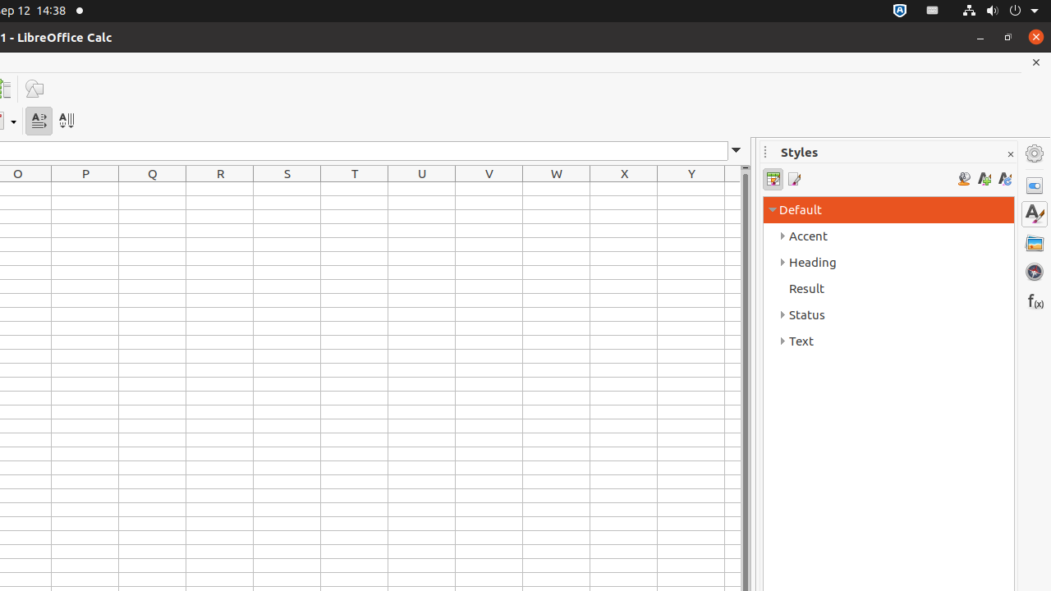 This screenshot has height=591, width=1051. What do you see at coordinates (557, 188) in the screenshot?
I see `'W1'` at bounding box center [557, 188].